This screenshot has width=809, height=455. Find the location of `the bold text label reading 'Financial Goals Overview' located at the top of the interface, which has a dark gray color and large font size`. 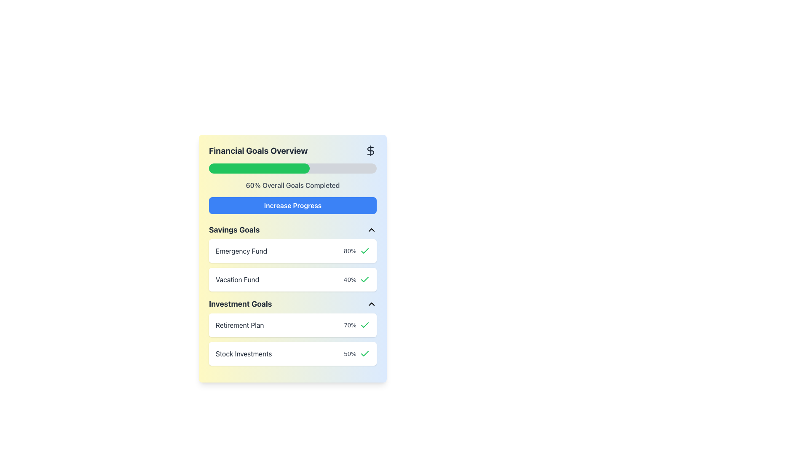

the bold text label reading 'Financial Goals Overview' located at the top of the interface, which has a dark gray color and large font size is located at coordinates (258, 150).